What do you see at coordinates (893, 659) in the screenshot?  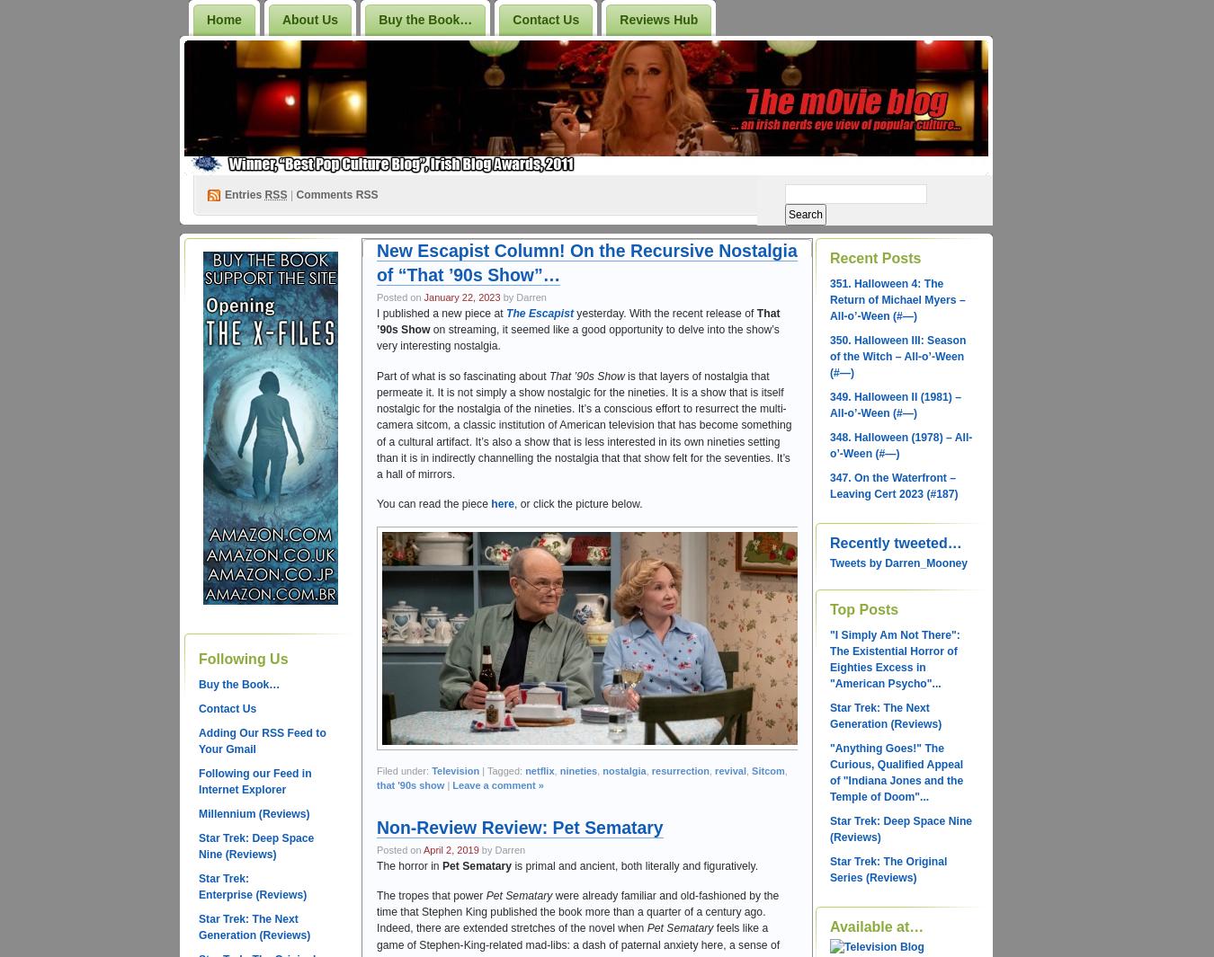 I see `'"I Simply Am Not There": The Existential Horror of Eighties Excess in "American Psycho"...'` at bounding box center [893, 659].